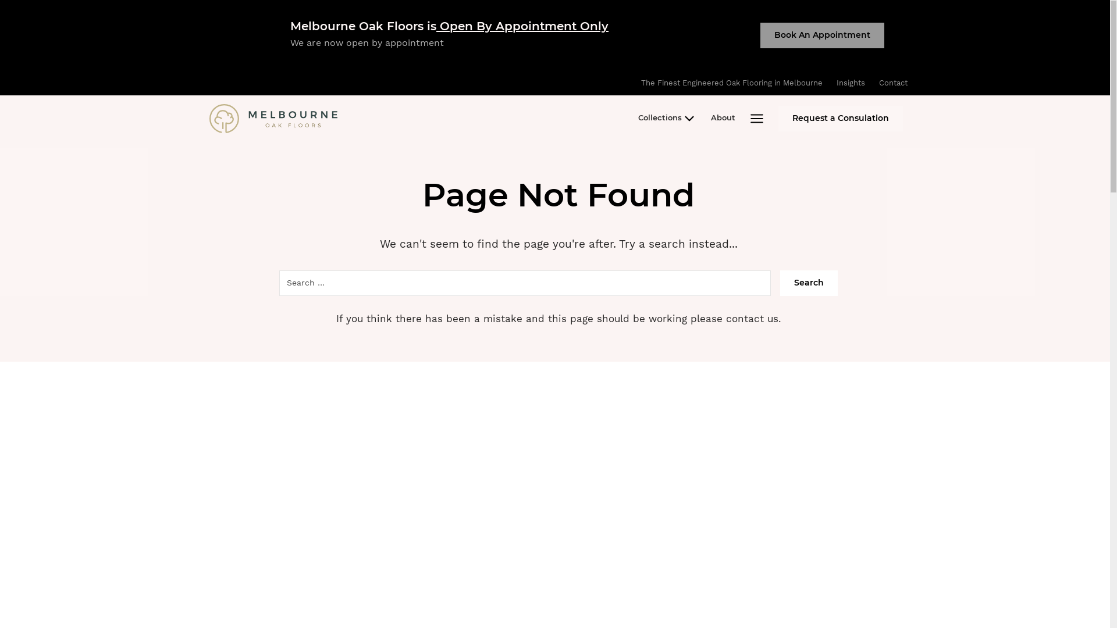 This screenshot has width=1117, height=628. Describe the element at coordinates (808, 283) in the screenshot. I see `'Search'` at that location.